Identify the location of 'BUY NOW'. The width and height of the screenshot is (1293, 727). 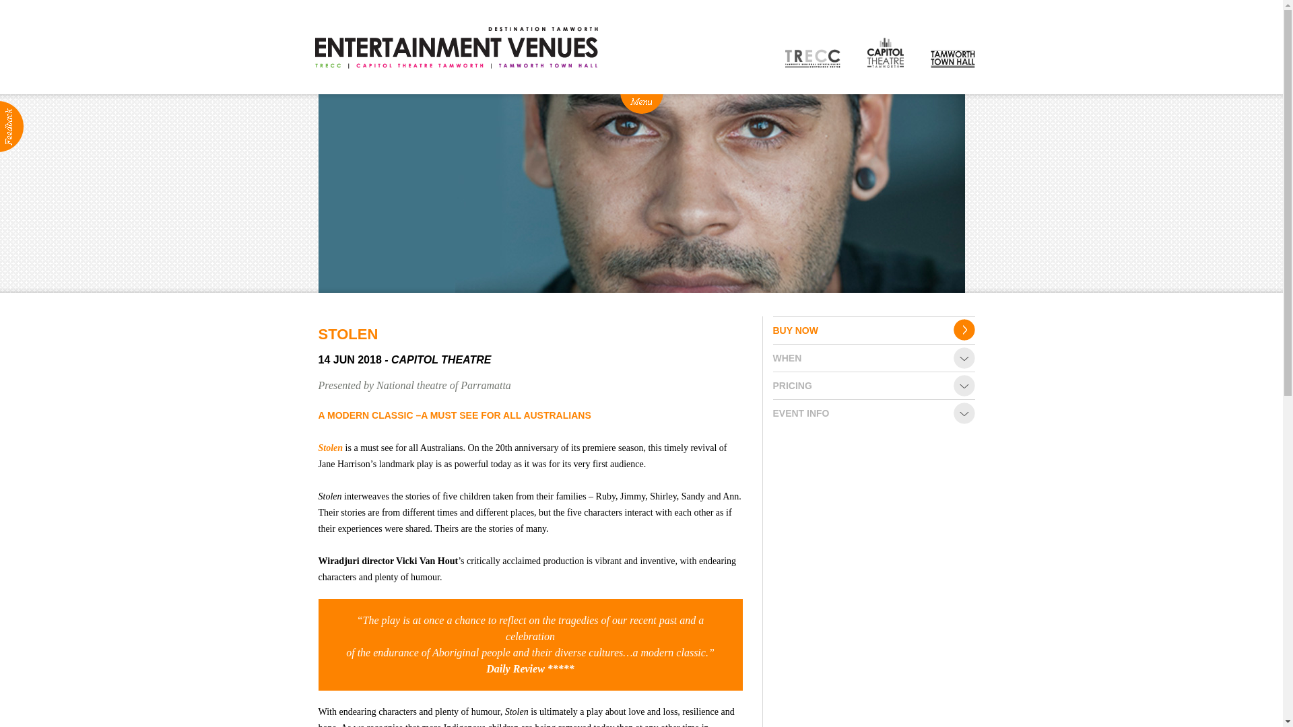
(873, 330).